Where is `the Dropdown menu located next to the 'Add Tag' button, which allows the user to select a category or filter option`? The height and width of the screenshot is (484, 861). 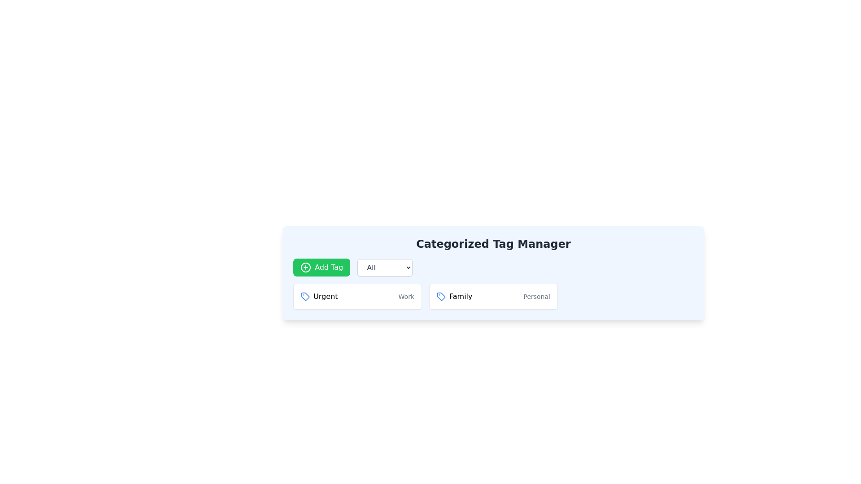 the Dropdown menu located next to the 'Add Tag' button, which allows the user to select a category or filter option is located at coordinates (385, 267).